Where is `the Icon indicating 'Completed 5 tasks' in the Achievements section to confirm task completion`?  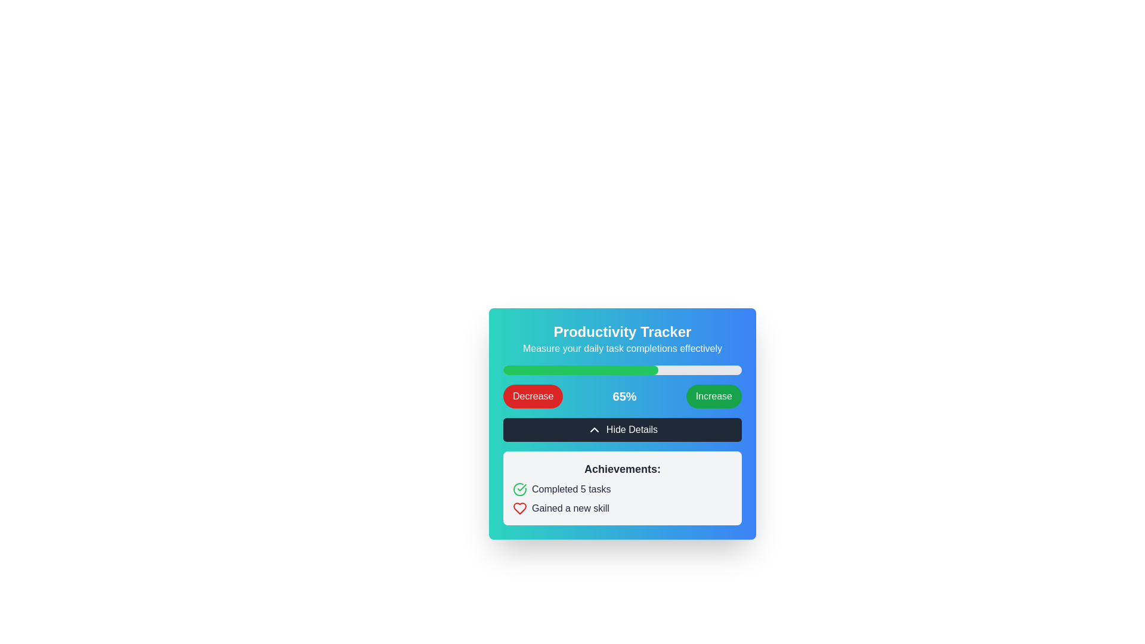 the Icon indicating 'Completed 5 tasks' in the Achievements section to confirm task completion is located at coordinates (520, 490).